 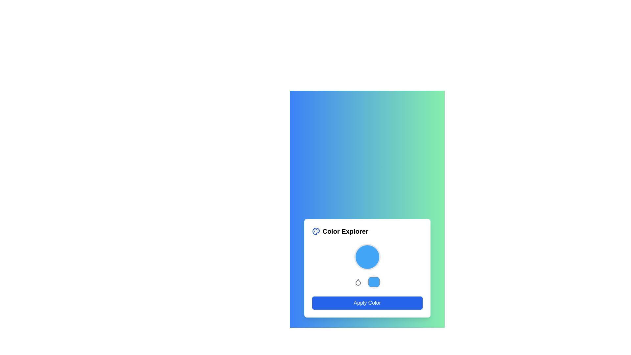 What do you see at coordinates (367, 231) in the screenshot?
I see `title text 'Color Explorer' in the Header with Icon, which is styled in a bold font and located at the upper section of a white card interface` at bounding box center [367, 231].